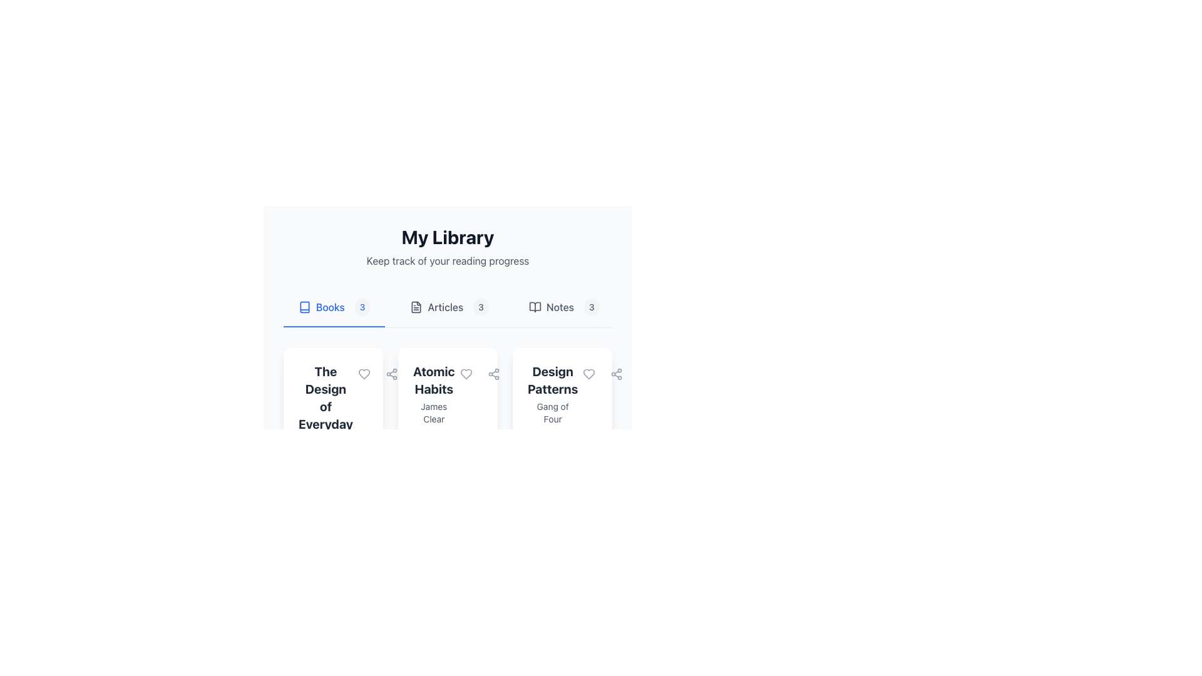  I want to click on the interactive circular button with a share icon located in the upper-right corner of the 'Atomic Habits' card, so click(391, 373).